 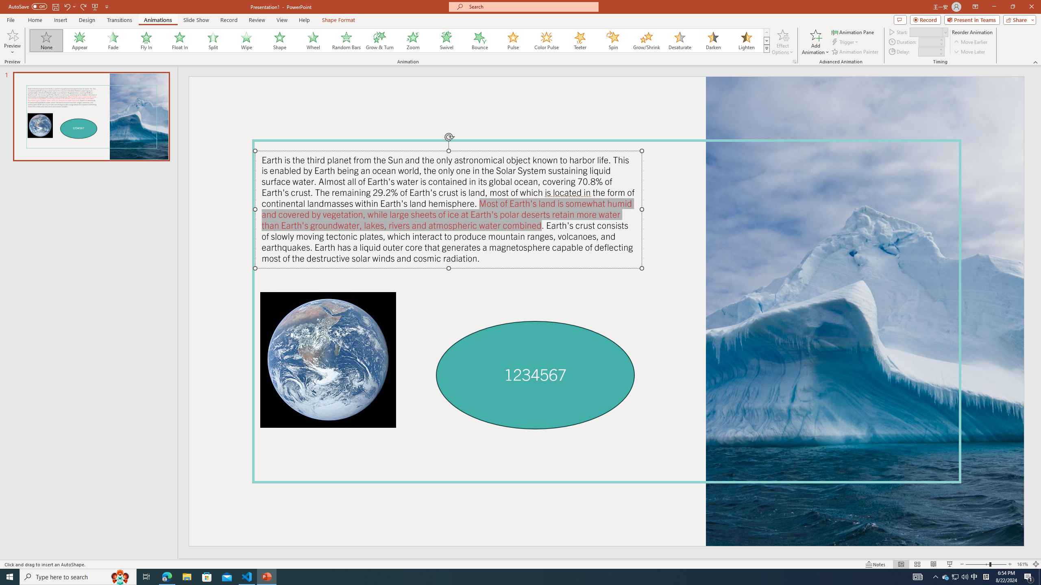 I want to click on 'View', so click(x=282, y=20).